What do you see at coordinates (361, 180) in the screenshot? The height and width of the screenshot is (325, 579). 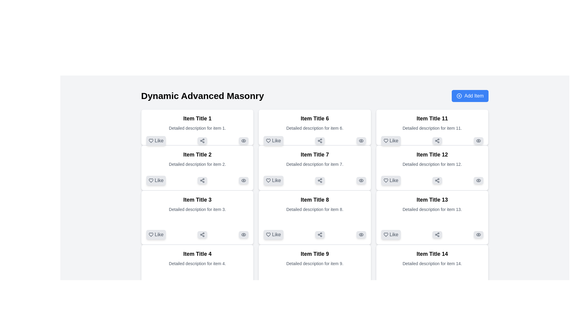 I see `the small button with a light gray background and eye icon in the bottom-right corner of the 'Item Title 7' card` at bounding box center [361, 180].